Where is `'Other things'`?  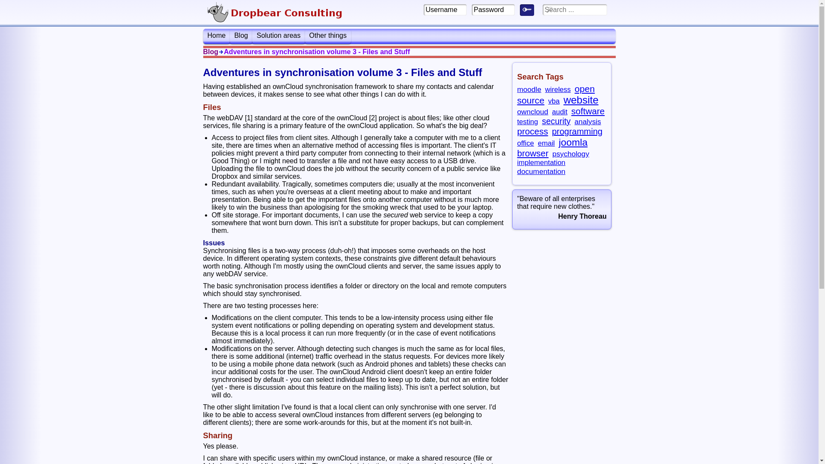 'Other things' is located at coordinates (305, 36).